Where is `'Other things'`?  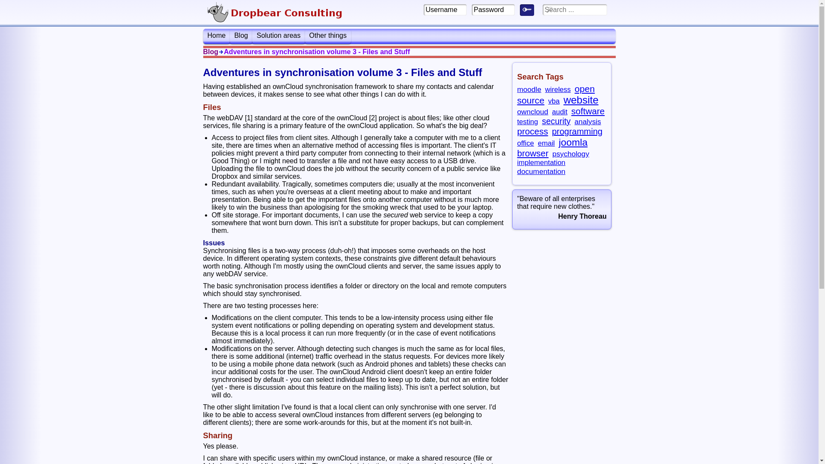 'Other things' is located at coordinates (305, 36).